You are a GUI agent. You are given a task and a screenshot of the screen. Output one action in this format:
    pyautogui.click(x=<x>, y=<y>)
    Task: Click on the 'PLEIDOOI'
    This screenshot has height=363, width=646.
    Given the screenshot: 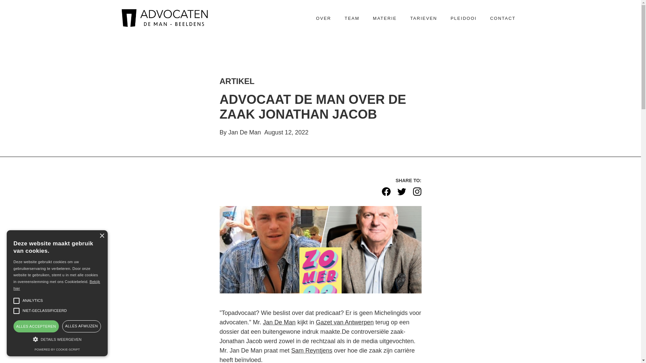 What is the action you would take?
    pyautogui.click(x=463, y=18)
    